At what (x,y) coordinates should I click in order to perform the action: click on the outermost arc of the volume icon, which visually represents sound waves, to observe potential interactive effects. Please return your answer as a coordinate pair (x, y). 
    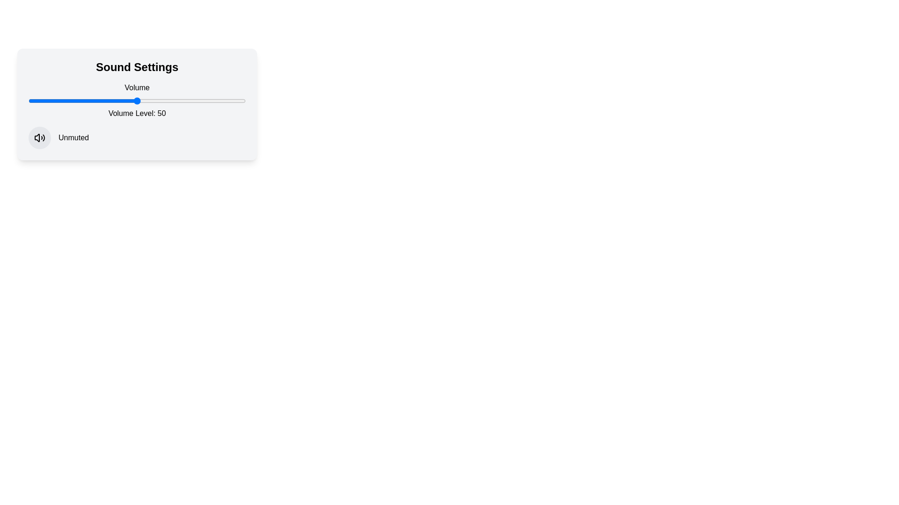
    Looking at the image, I should click on (43, 137).